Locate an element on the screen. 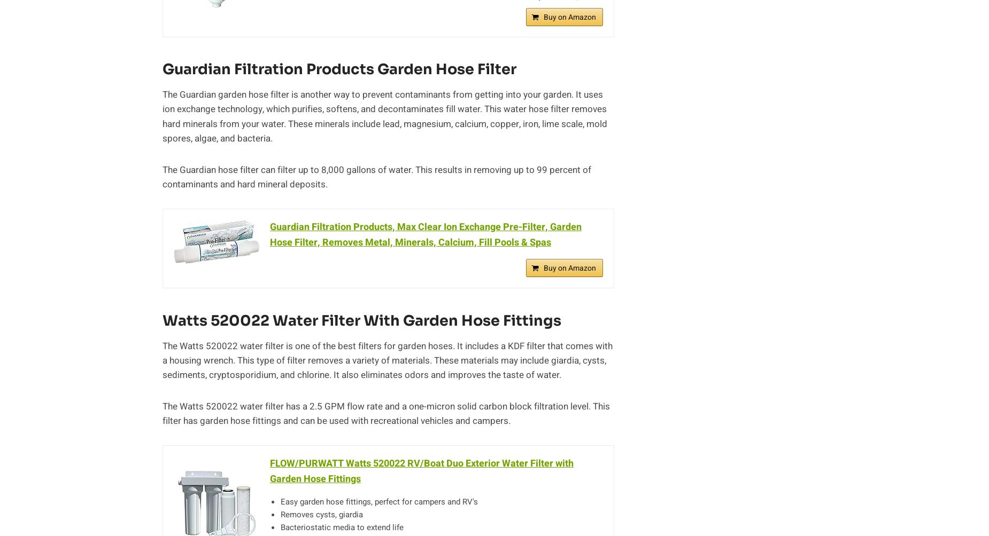  'Guardian Filtration Products, Max Clear Ion Exchange Pre-Filter, Garden Hose Filter, Removes Metal, Minerals, Calcium, Fill Pools & Spas' is located at coordinates (426, 234).